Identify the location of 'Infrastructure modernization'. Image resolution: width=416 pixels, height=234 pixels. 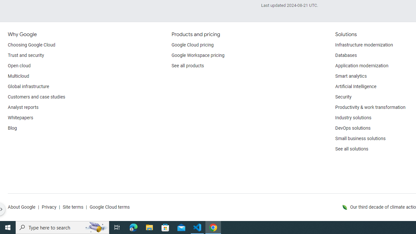
(364, 45).